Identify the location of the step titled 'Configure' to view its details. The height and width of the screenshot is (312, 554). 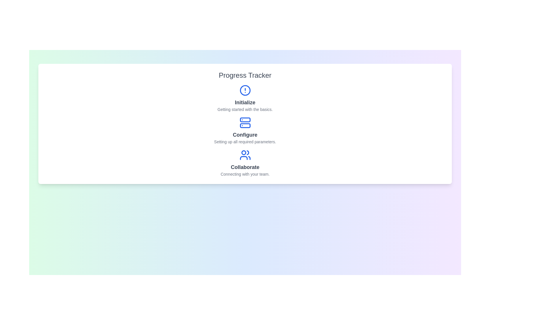
(245, 131).